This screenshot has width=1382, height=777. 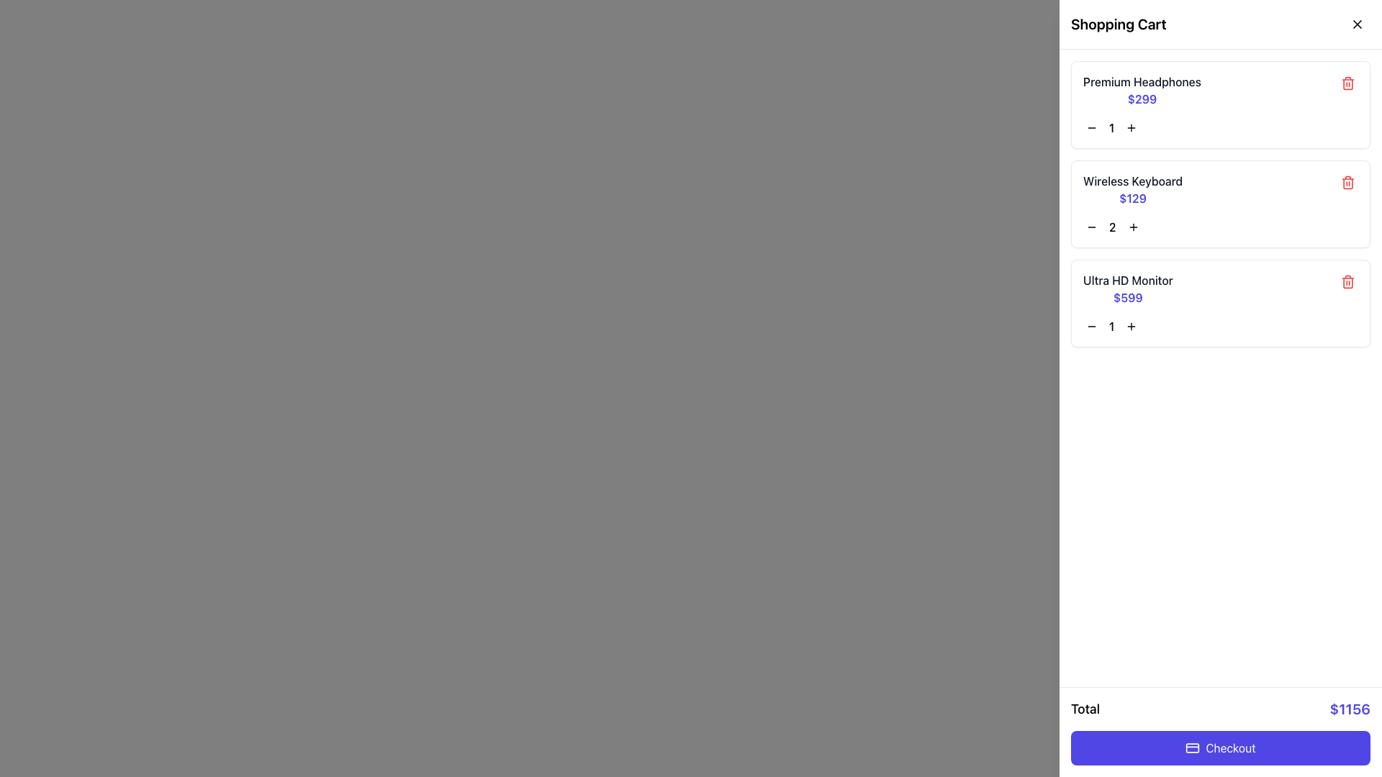 What do you see at coordinates (1091, 227) in the screenshot?
I see `the decrease quantity button for the 'Wireless Keyboard' item in the shopping cart to change its appearance` at bounding box center [1091, 227].